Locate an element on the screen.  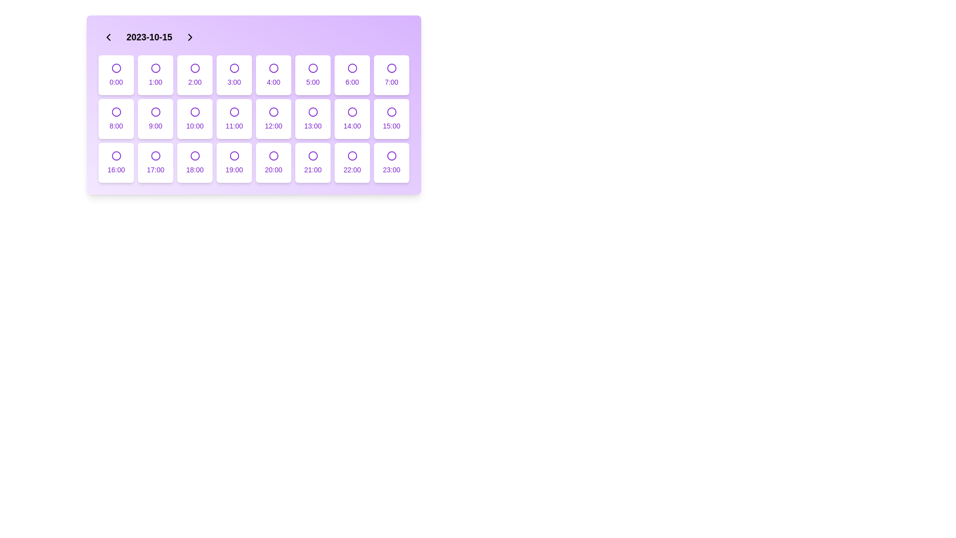
the time selector button for the '3:00' time slot located in the first row, fourth column of the grid layout is located at coordinates (234, 74).